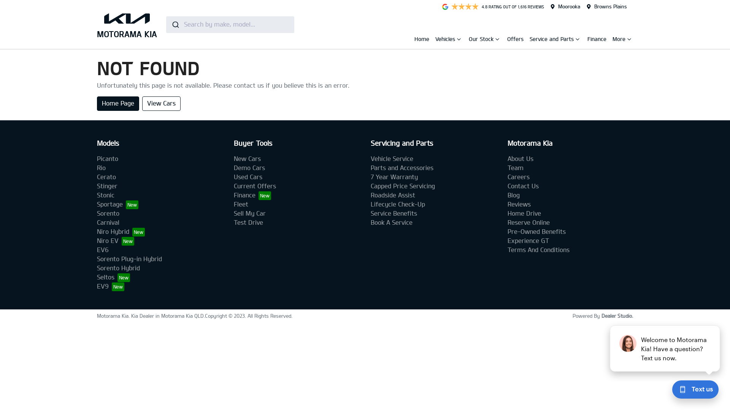  Describe the element at coordinates (519, 204) in the screenshot. I see `'Reviews'` at that location.